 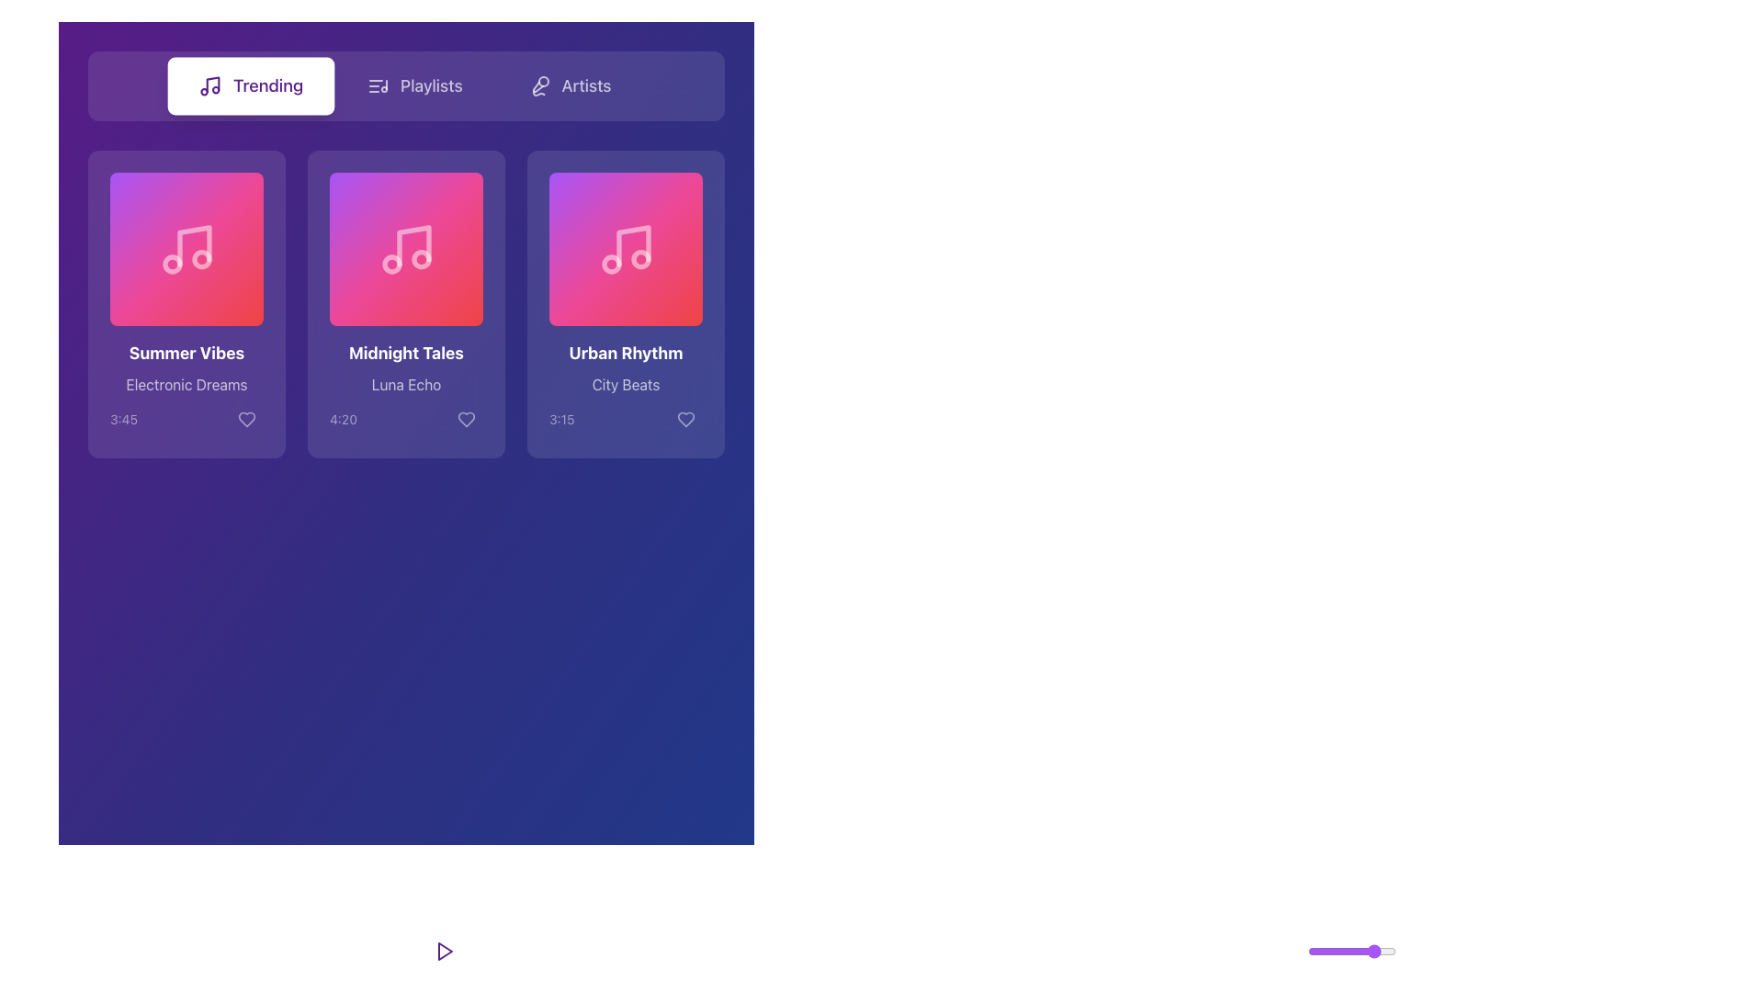 I want to click on the play button icon located at the bottom center of the interface to initiate media playback or trigger a related action, so click(x=445, y=951).